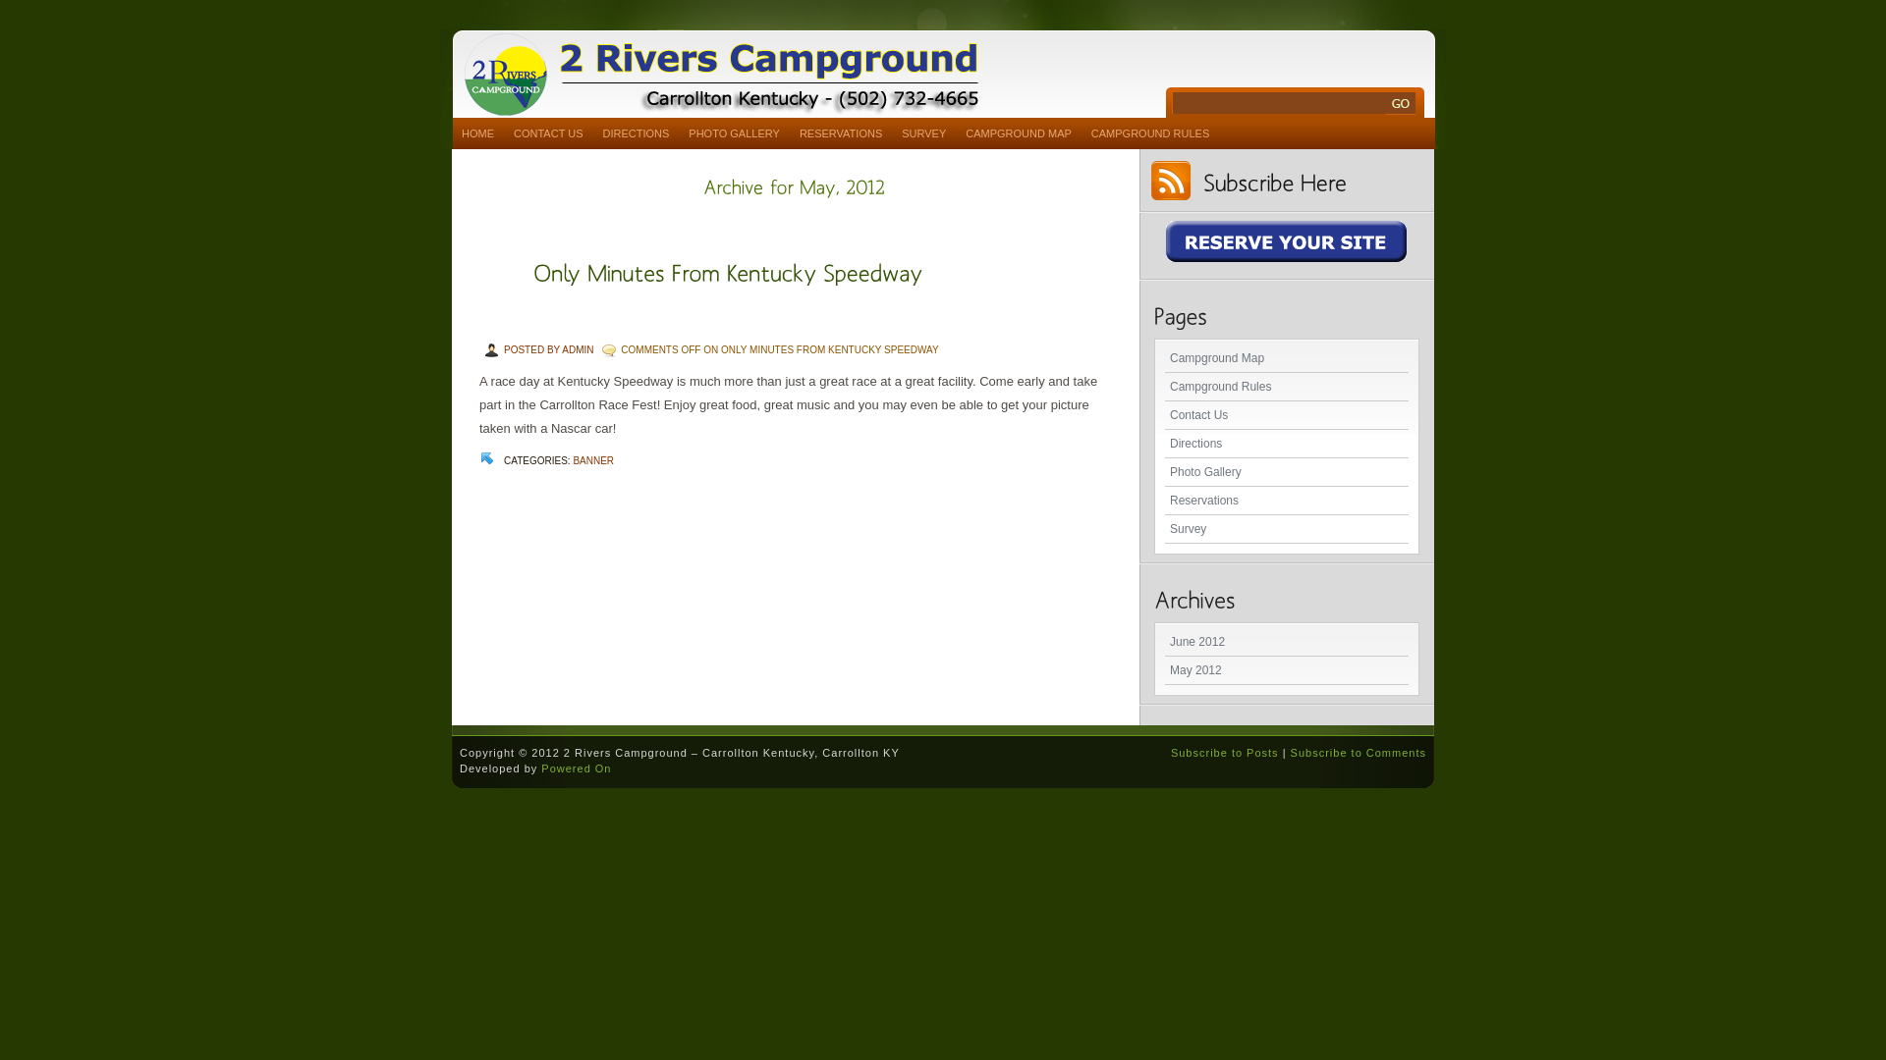 The image size is (1886, 1060). I want to click on 'SURVEY', so click(922, 132).